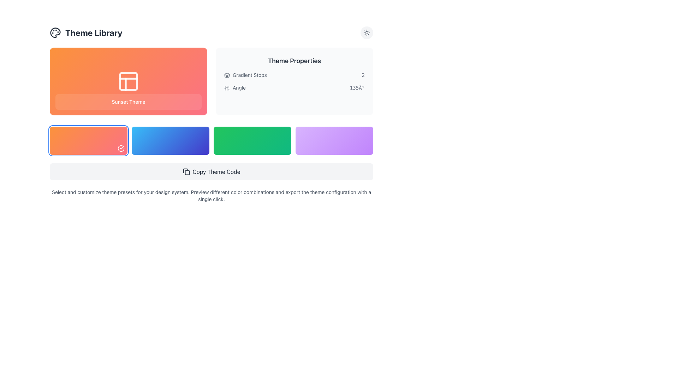 The image size is (678, 381). I want to click on the visual card representing the Sunset Theme in the Theme Library, which is located above the multicolored buttons, so click(211, 81).